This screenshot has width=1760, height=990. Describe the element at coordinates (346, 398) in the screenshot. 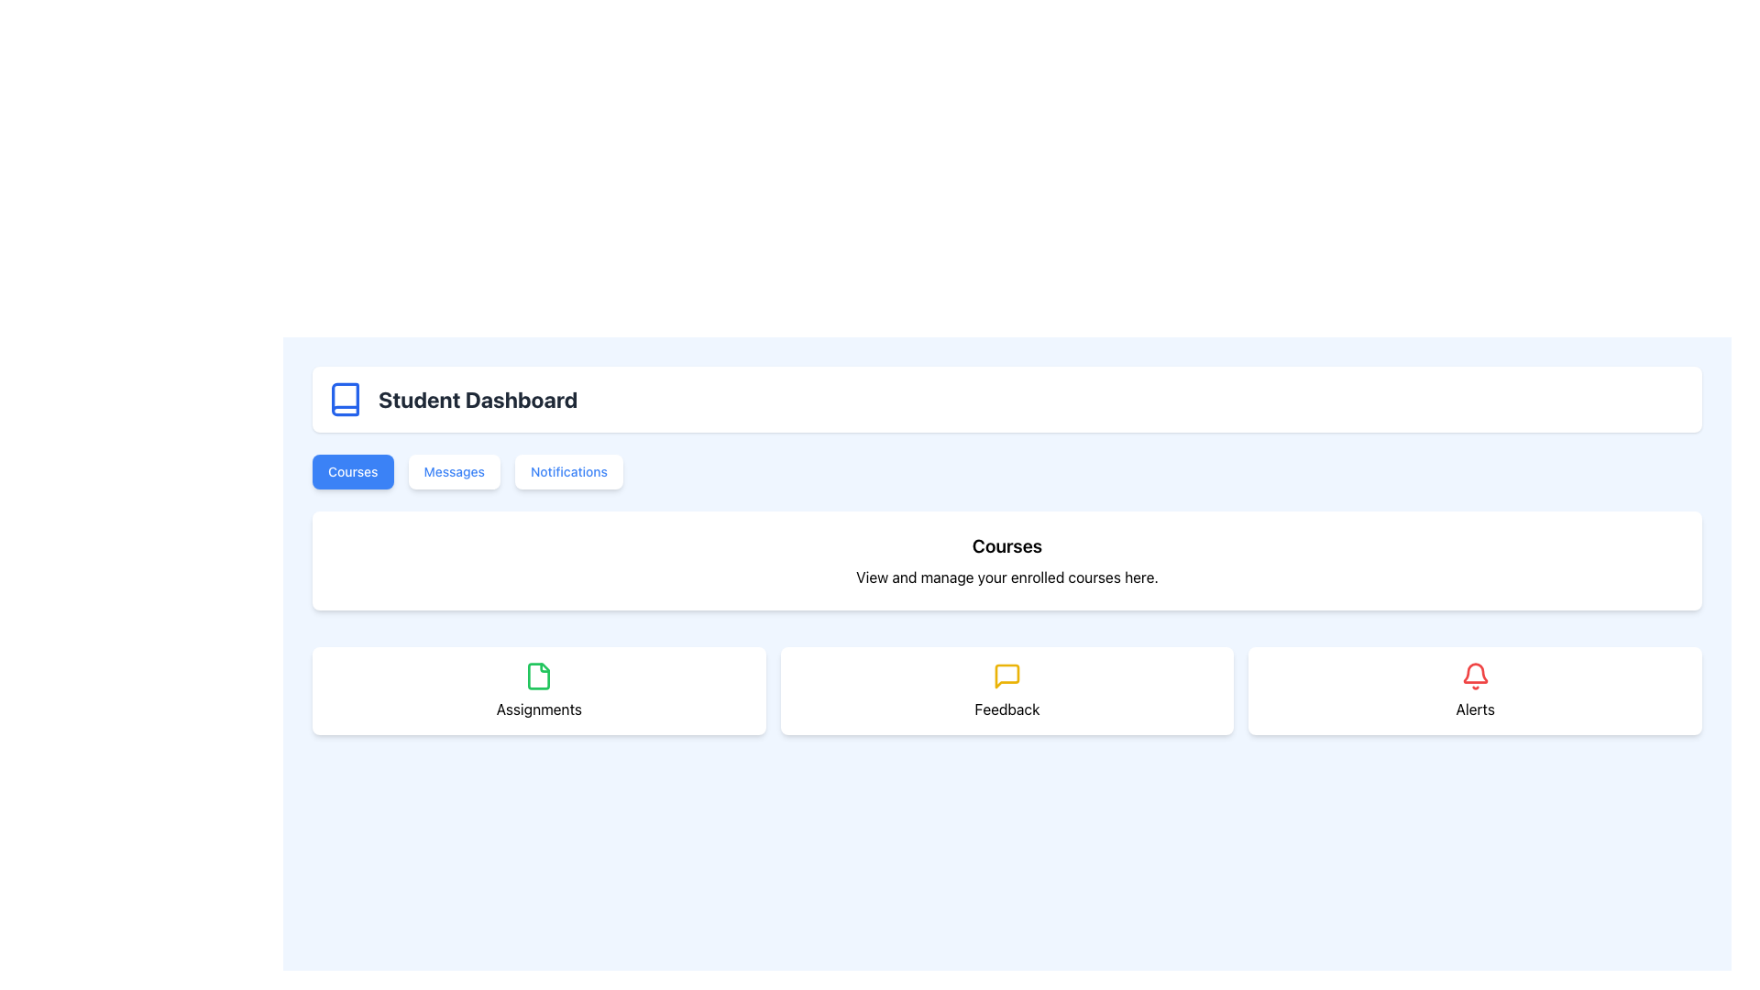

I see `the icon resembling a stylized book with a blue outline located to the left of the 'Student Dashboard' text in the header section` at that location.